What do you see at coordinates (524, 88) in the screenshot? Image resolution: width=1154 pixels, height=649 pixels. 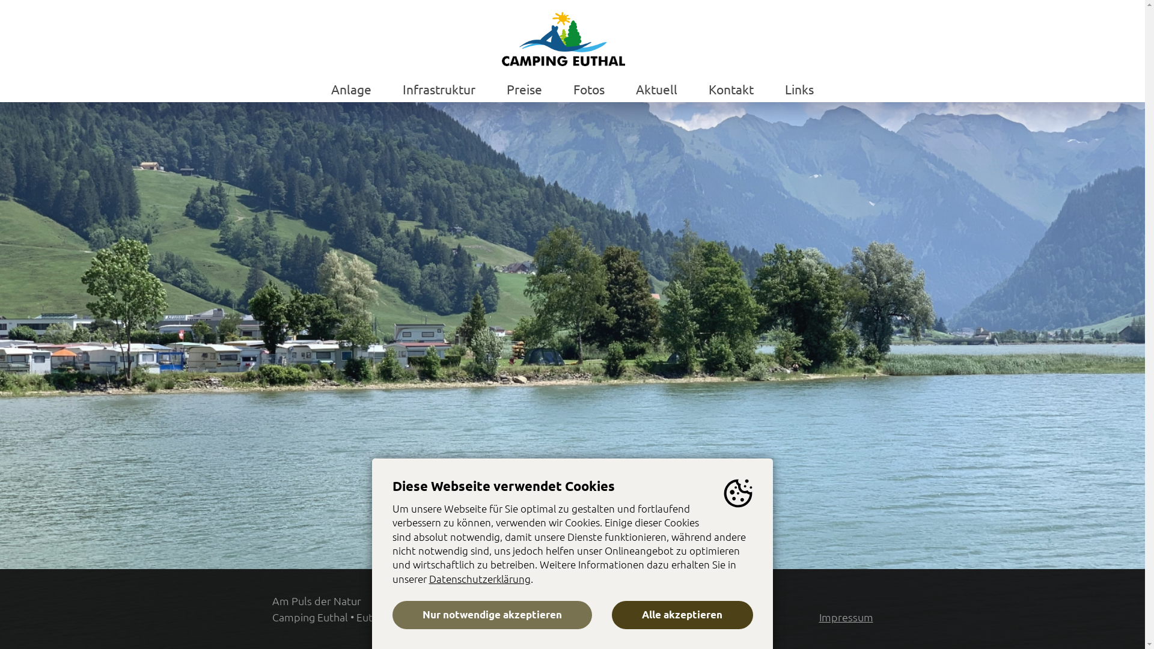 I see `'Preise'` at bounding box center [524, 88].